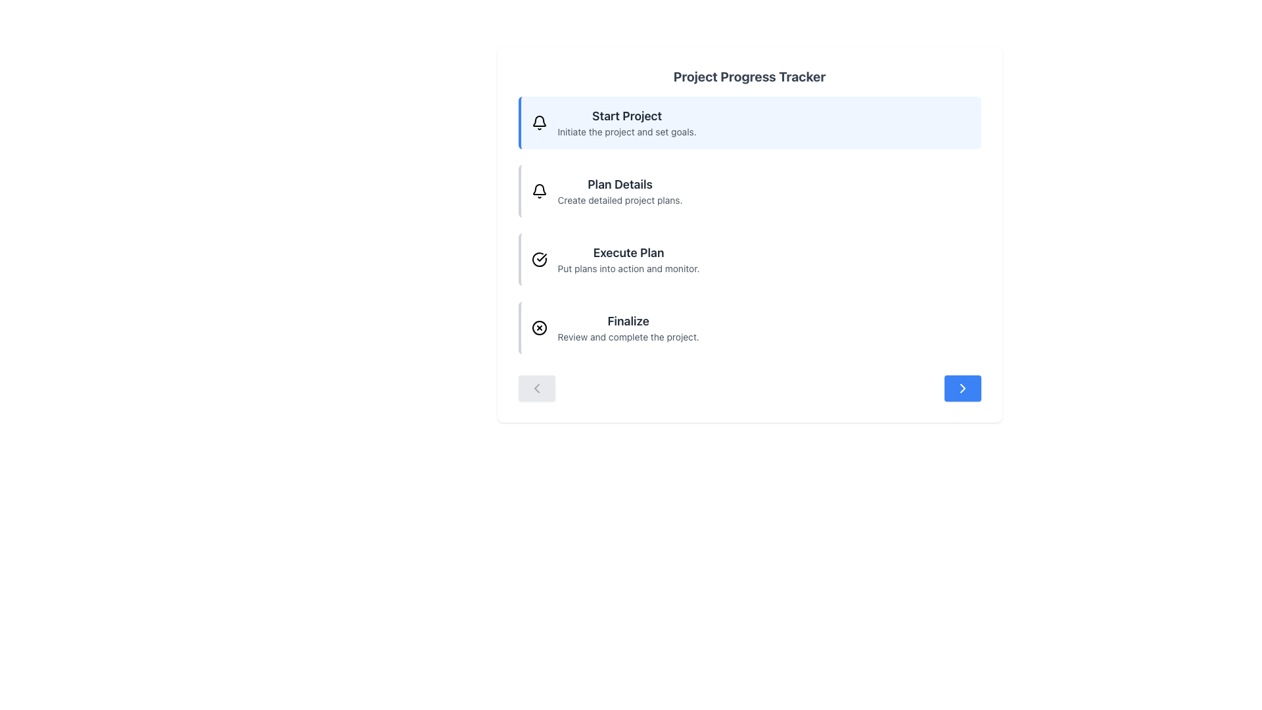 The width and height of the screenshot is (1262, 710). I want to click on the blue rectangular button with rounded corners and a white rightward arrow, located at the bottom-right corner of the content area adjacent to the flow navigation section, so click(962, 387).